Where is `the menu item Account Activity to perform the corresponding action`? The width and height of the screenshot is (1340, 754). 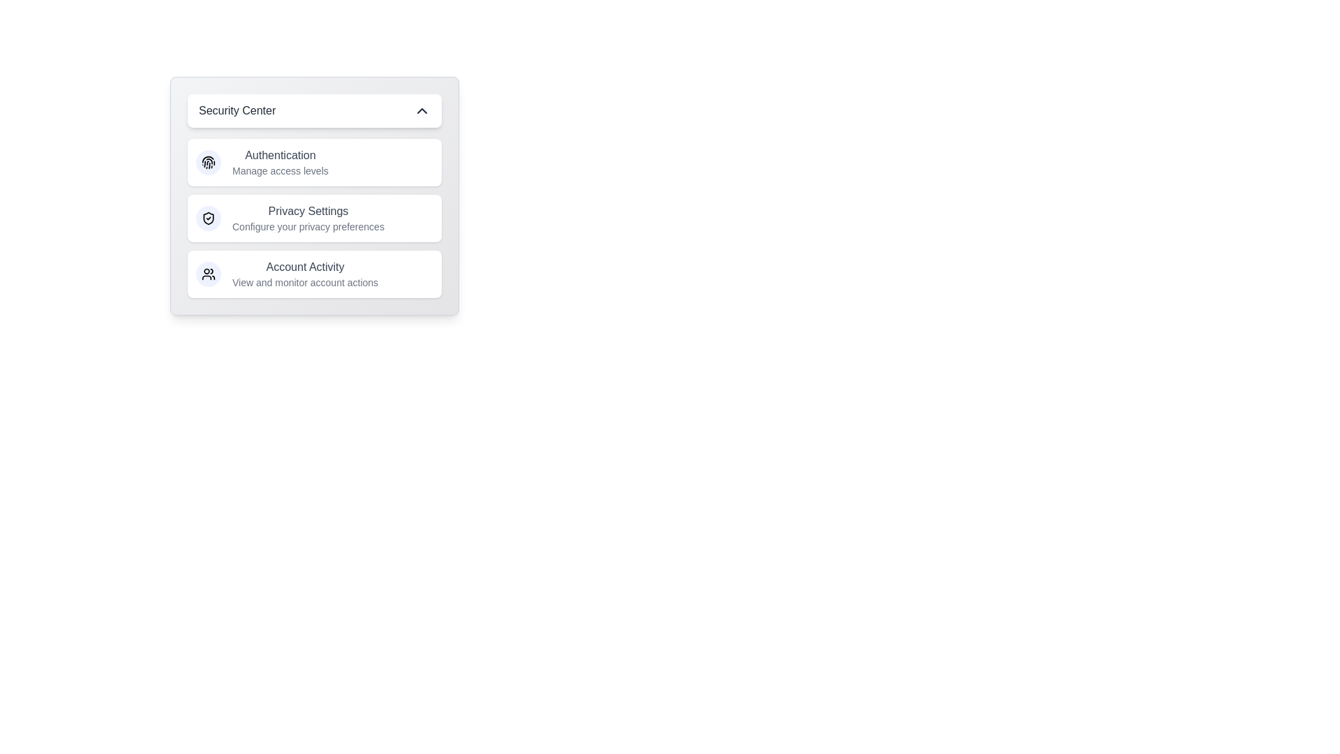 the menu item Account Activity to perform the corresponding action is located at coordinates (314, 274).